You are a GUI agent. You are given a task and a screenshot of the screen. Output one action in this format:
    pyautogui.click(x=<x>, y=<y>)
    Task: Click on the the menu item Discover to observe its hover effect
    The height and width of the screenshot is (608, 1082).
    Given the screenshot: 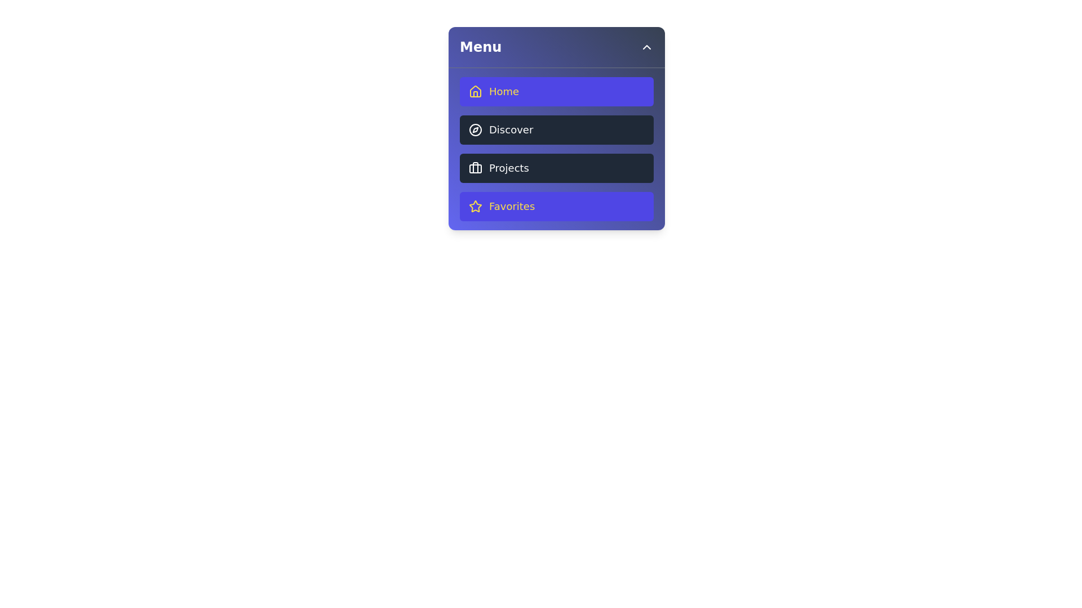 What is the action you would take?
    pyautogui.click(x=557, y=129)
    